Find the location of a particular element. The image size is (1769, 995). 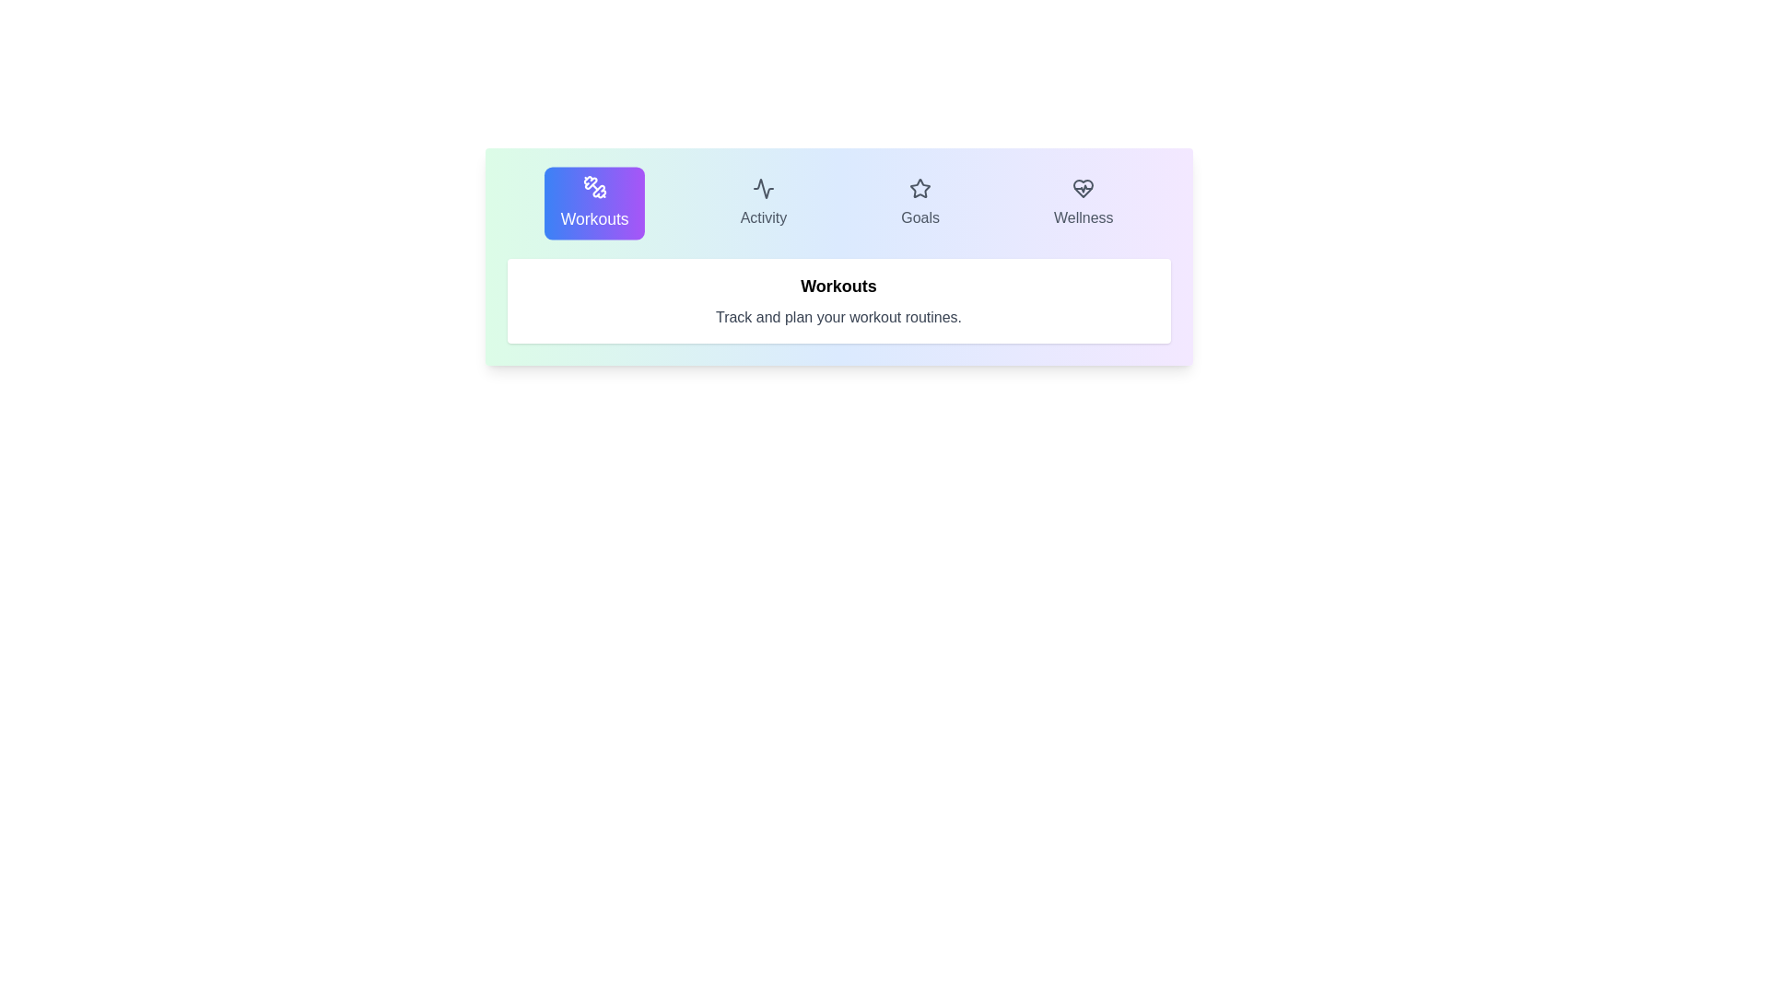

the navigation button labeled 'Wellness', which is located in the top-right corner of the group of buttons including 'Workouts', 'Activity', and 'Goals' is located at coordinates (1084, 203).